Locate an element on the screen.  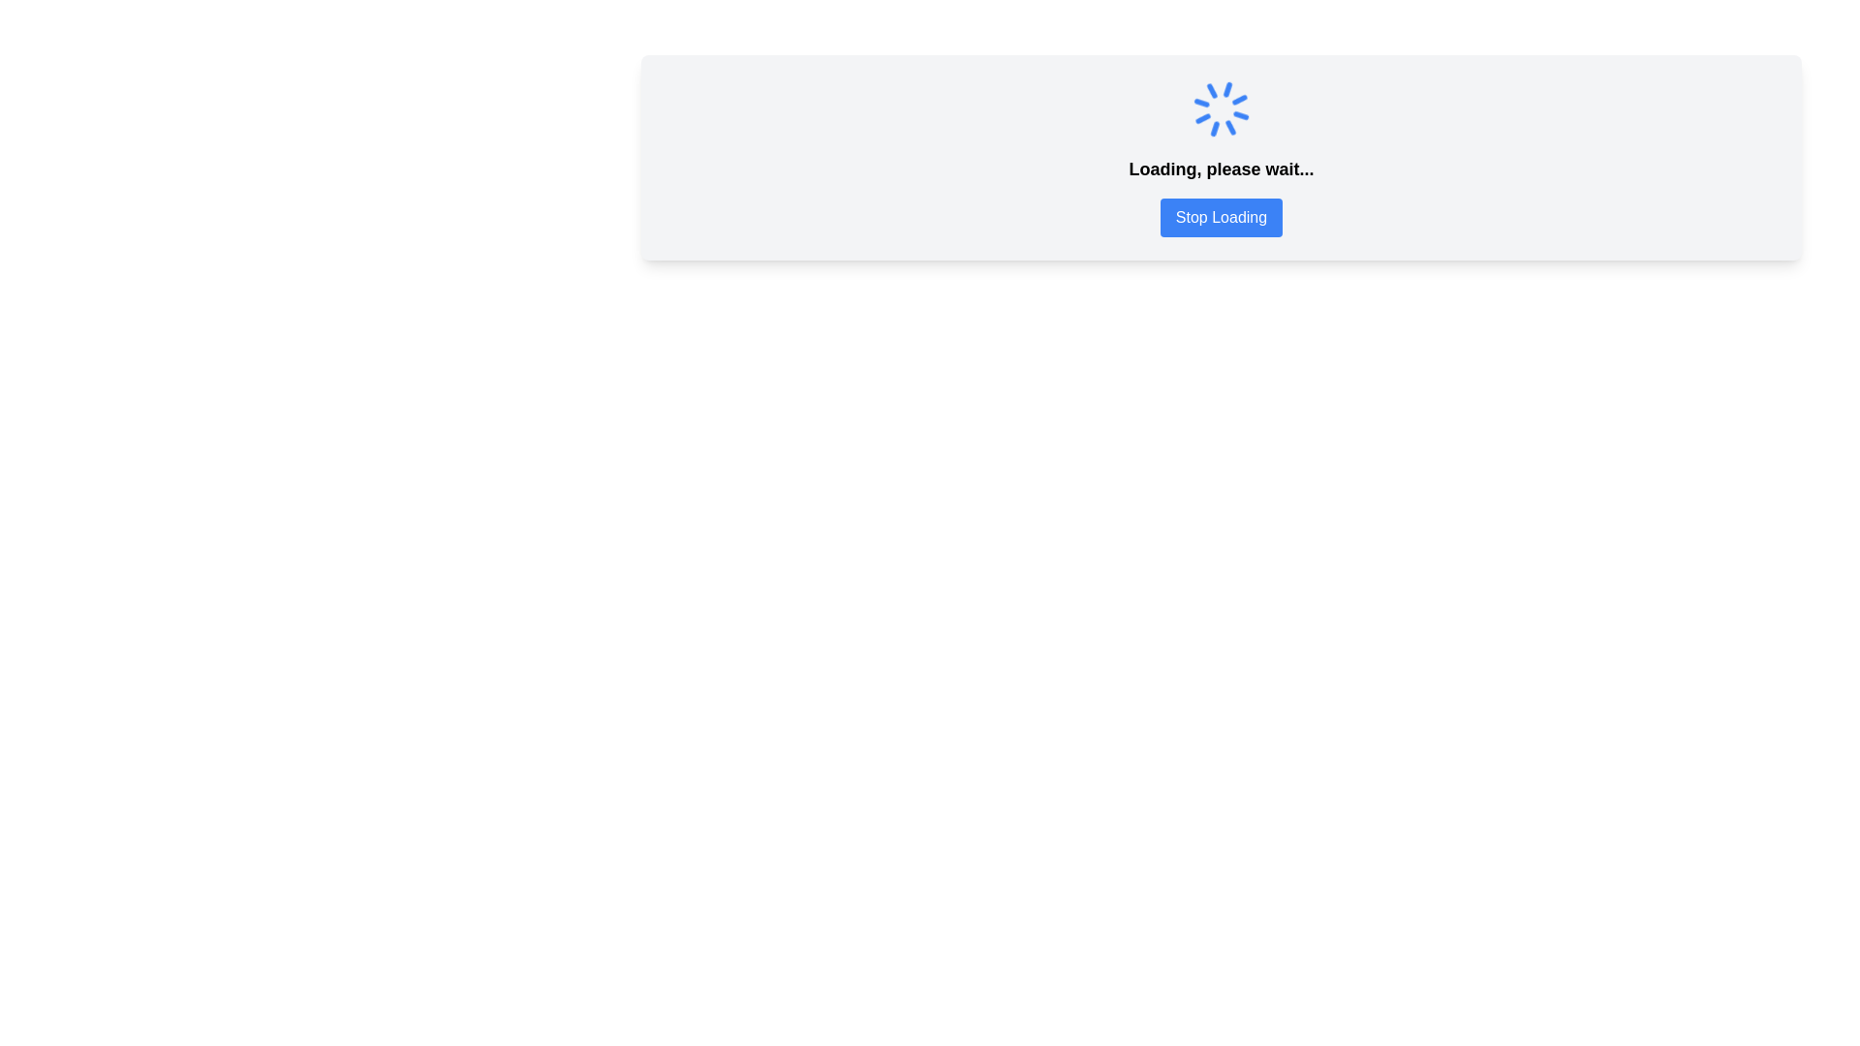
contents of the text display that shows 'Loading, please wait...' positioned above the blue 'Stop Loading' button is located at coordinates (1221, 168).